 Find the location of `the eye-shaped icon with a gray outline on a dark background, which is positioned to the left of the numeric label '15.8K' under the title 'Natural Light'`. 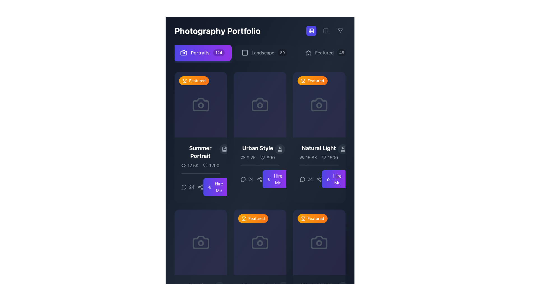

the eye-shaped icon with a gray outline on a dark background, which is positioned to the left of the numeric label '15.8K' under the title 'Natural Light' is located at coordinates (302, 158).